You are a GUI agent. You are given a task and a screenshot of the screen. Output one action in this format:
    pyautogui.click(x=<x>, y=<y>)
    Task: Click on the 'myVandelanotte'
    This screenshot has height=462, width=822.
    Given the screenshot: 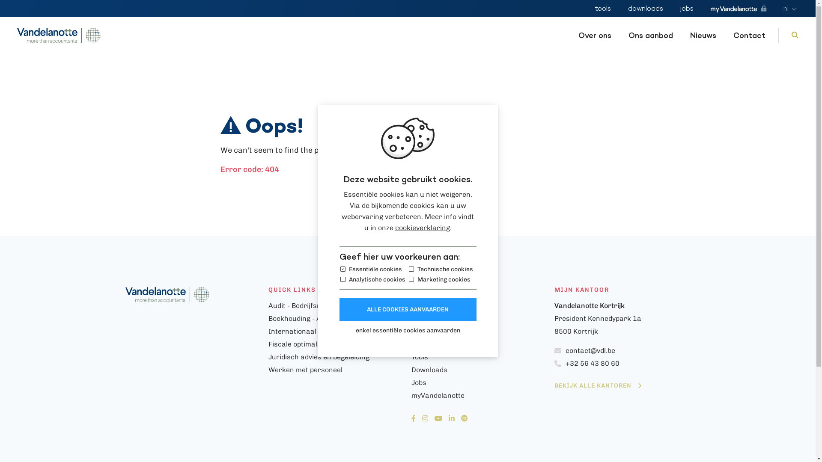 What is the action you would take?
    pyautogui.click(x=738, y=9)
    